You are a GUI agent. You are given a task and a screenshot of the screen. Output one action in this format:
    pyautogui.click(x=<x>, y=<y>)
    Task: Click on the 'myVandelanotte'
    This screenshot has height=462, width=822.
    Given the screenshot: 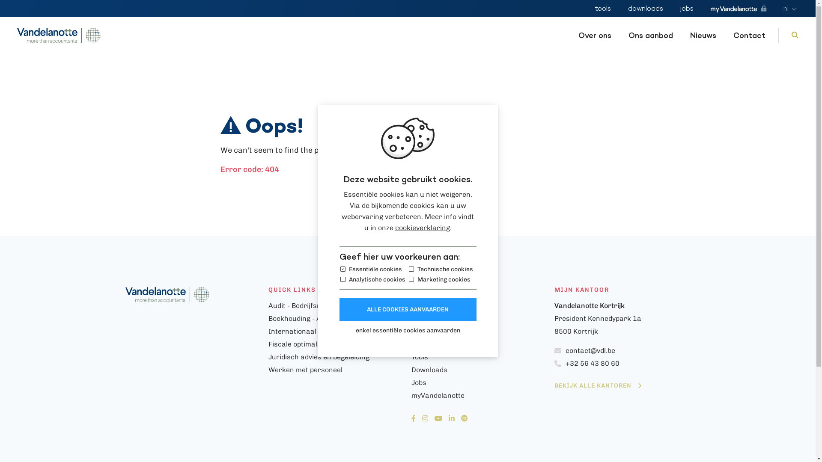 What is the action you would take?
    pyautogui.click(x=738, y=9)
    